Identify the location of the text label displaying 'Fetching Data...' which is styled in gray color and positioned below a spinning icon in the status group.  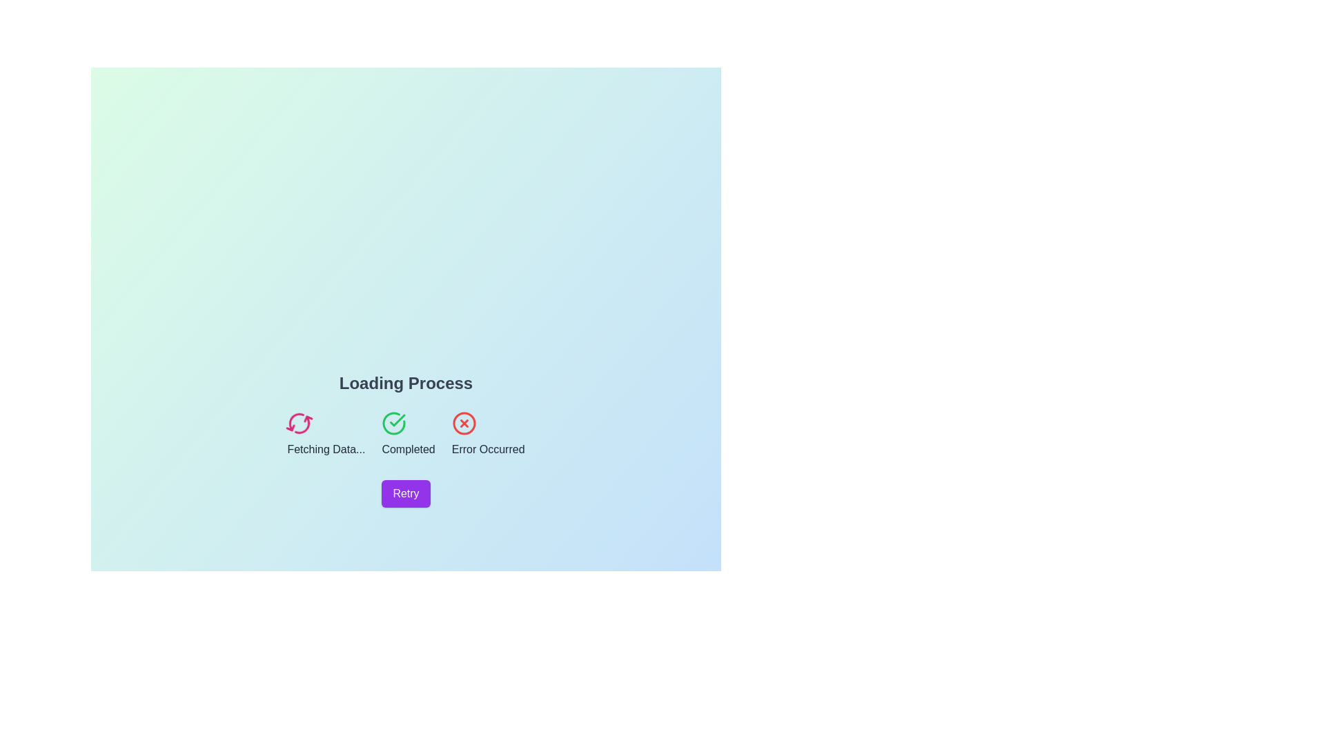
(325, 449).